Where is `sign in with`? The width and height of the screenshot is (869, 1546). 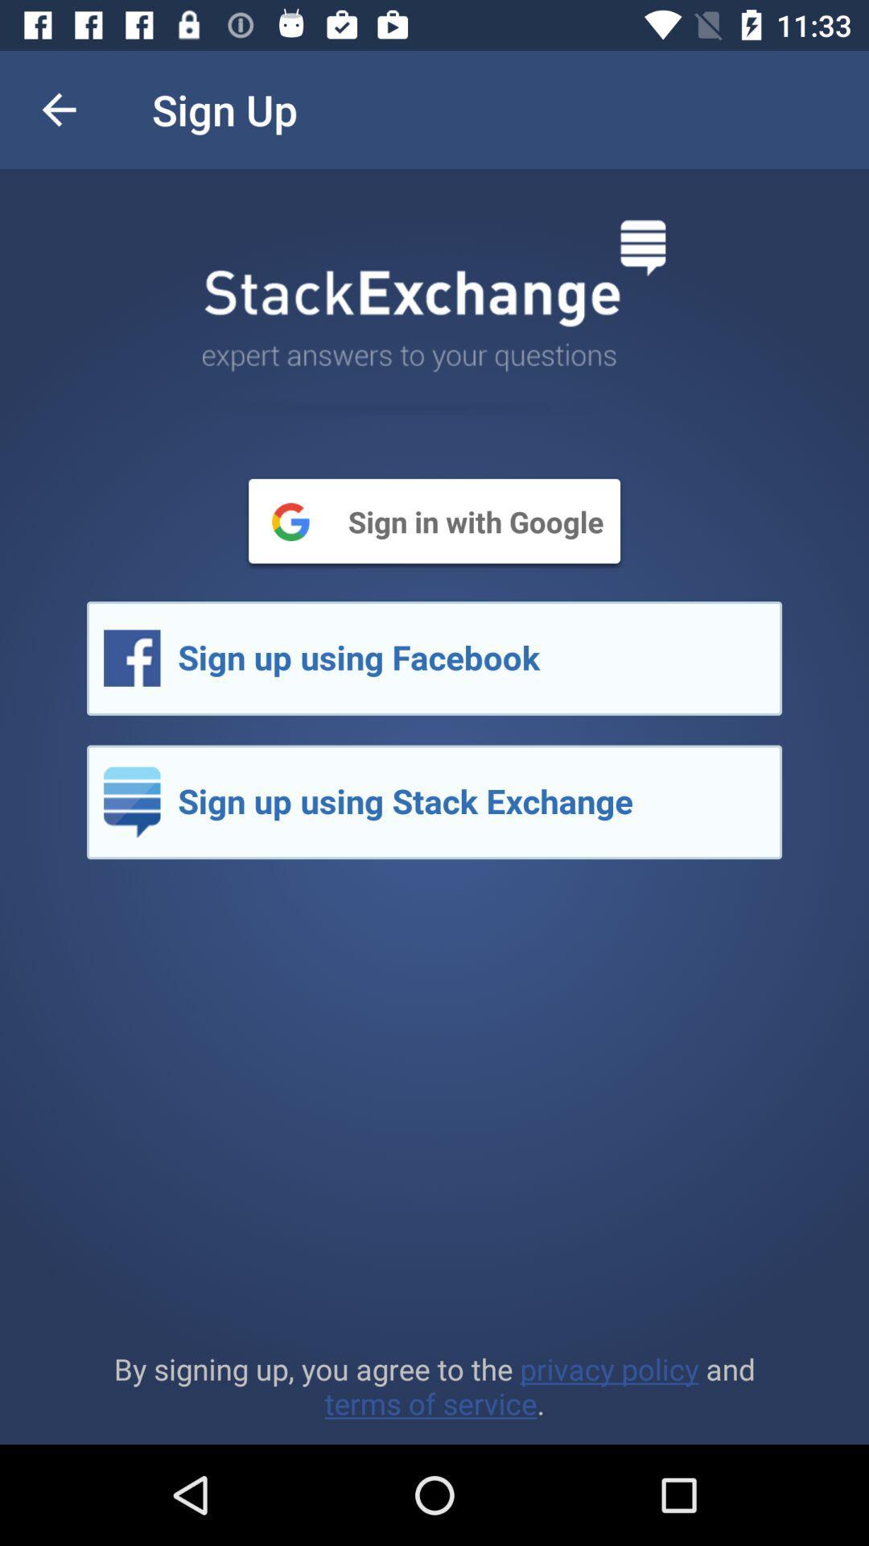 sign in with is located at coordinates (434, 521).